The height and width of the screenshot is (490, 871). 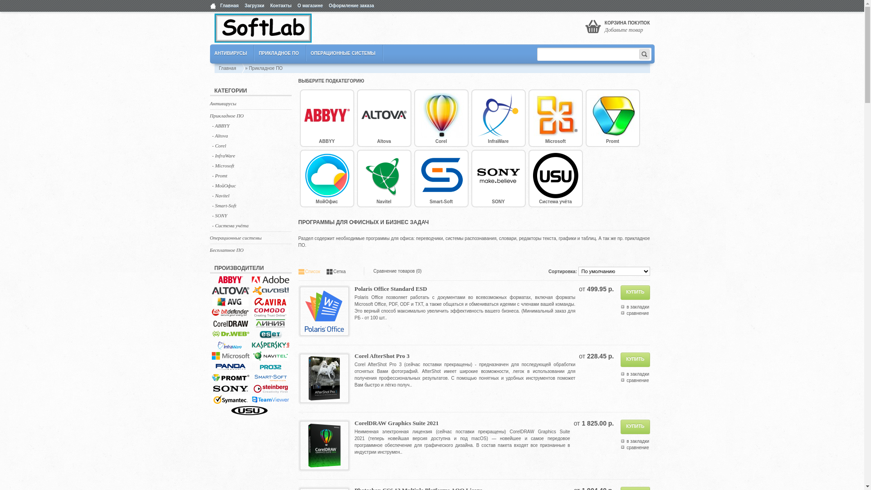 What do you see at coordinates (211, 155) in the screenshot?
I see `'- InfraWare'` at bounding box center [211, 155].